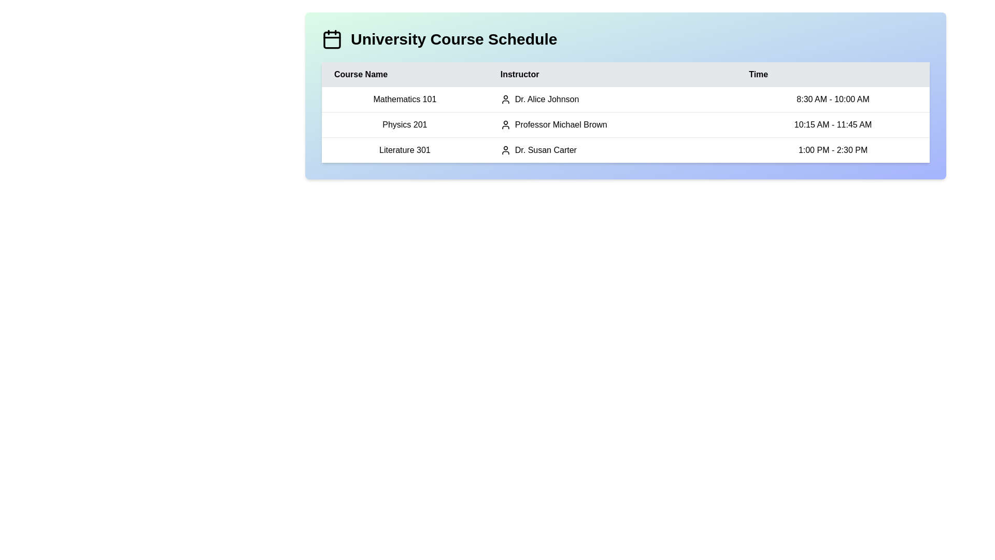  What do you see at coordinates (404, 150) in the screenshot?
I see `the static text label displaying the course name in the third row of the schedule table, which is located between 'Physics 201' above and the course time information to the right` at bounding box center [404, 150].